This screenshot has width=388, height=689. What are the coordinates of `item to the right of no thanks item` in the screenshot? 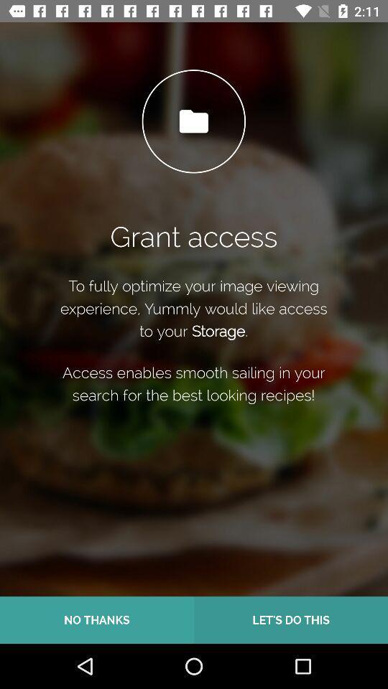 It's located at (291, 619).